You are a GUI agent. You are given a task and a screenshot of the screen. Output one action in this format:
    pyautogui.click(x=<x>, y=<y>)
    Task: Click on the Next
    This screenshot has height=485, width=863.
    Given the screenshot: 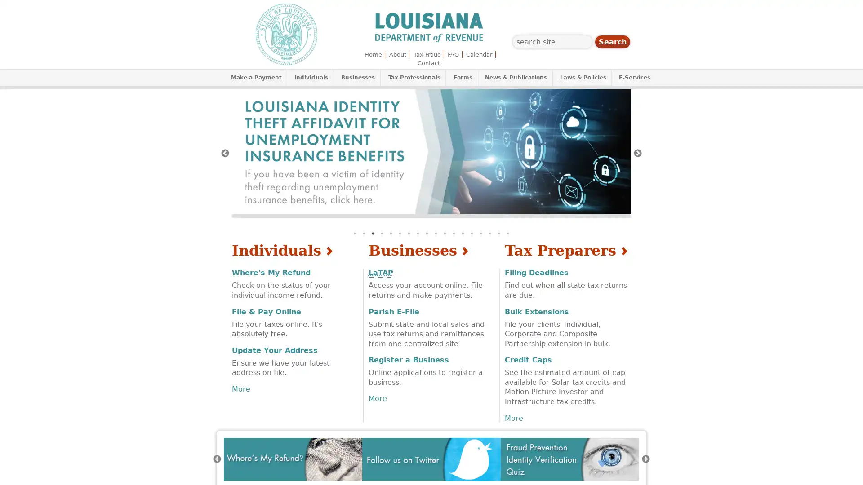 What is the action you would take?
    pyautogui.click(x=637, y=152)
    